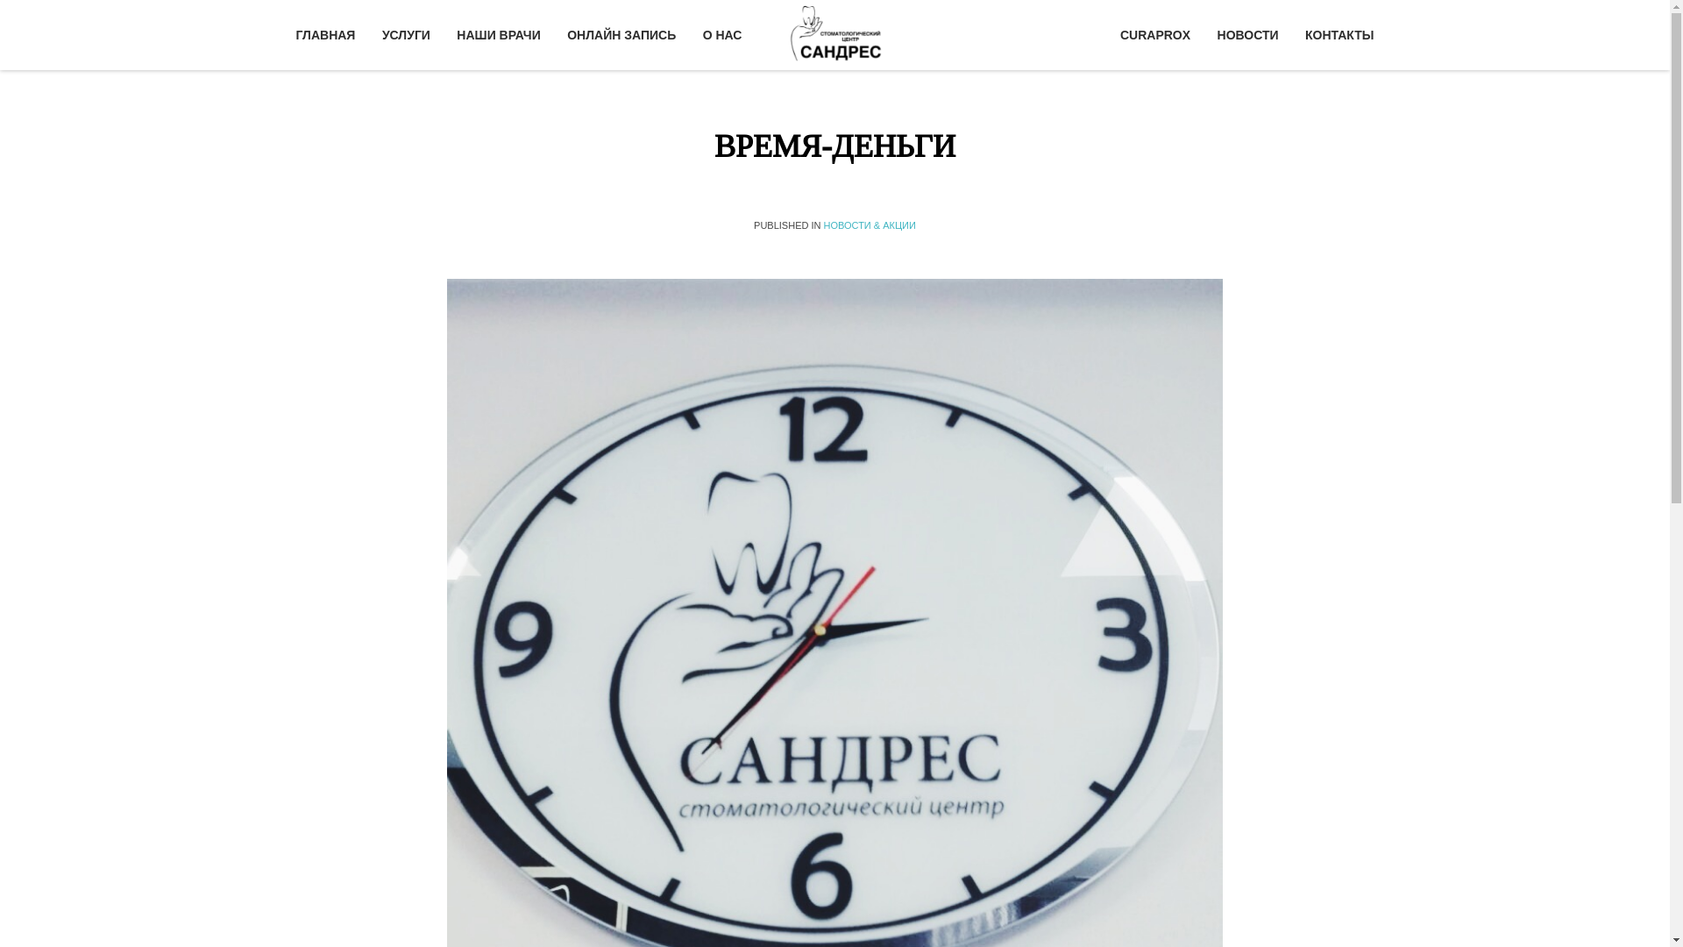 The height and width of the screenshot is (947, 1683). Describe the element at coordinates (1161, 34) in the screenshot. I see `'CURAPROX'` at that location.